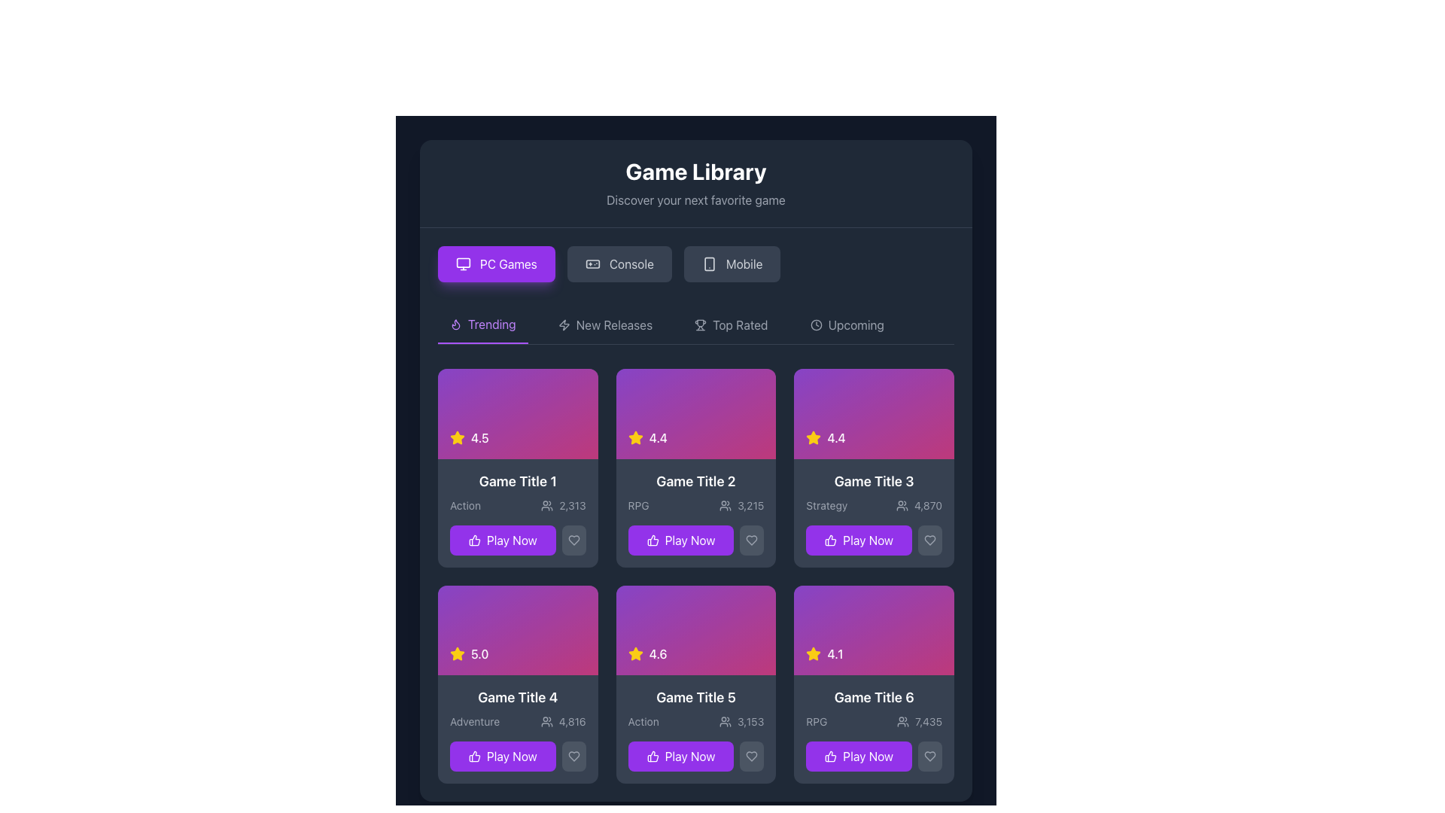 This screenshot has height=813, width=1445. What do you see at coordinates (518, 413) in the screenshot?
I see `the Rating Display element which shows the rating of a game, located in the top-left card of the 'Trending' section in the 'Game Library' page` at bounding box center [518, 413].